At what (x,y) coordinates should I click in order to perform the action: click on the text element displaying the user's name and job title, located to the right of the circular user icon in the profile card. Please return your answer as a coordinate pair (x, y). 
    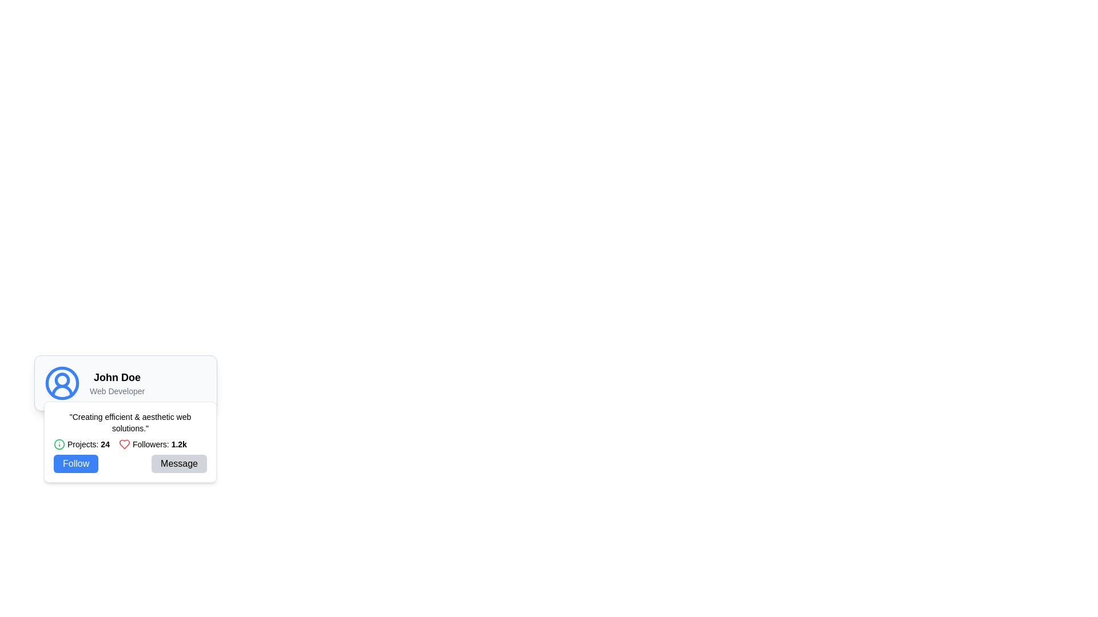
    Looking at the image, I should click on (117, 383).